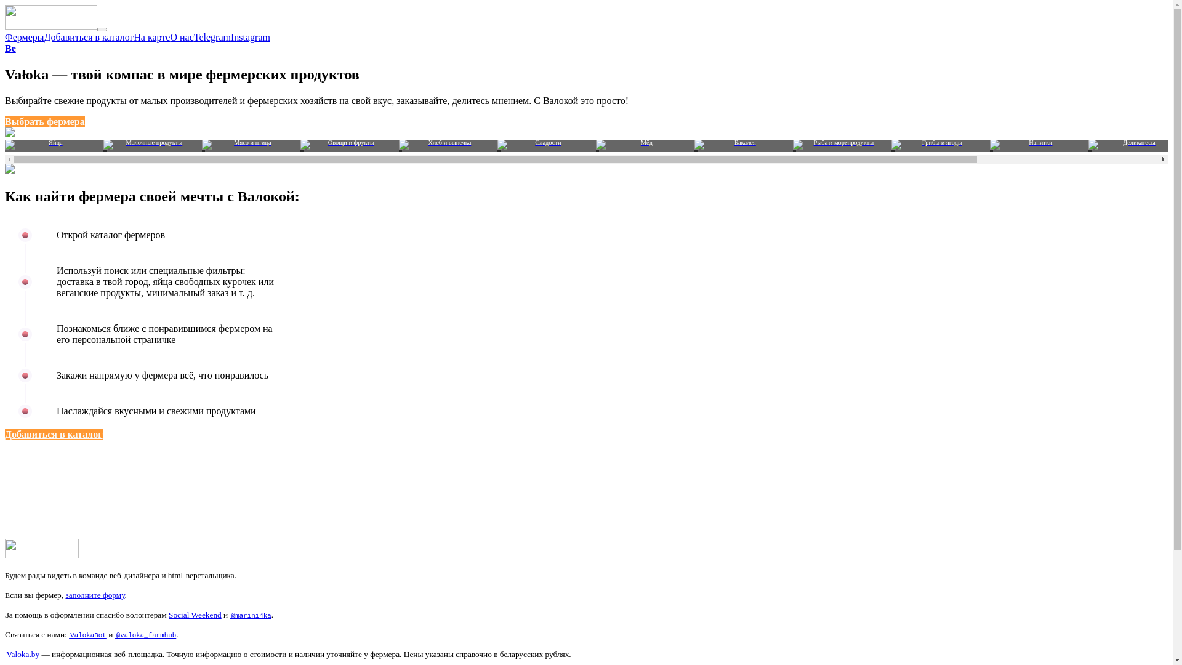  Describe the element at coordinates (10, 47) in the screenshot. I see `'Be'` at that location.